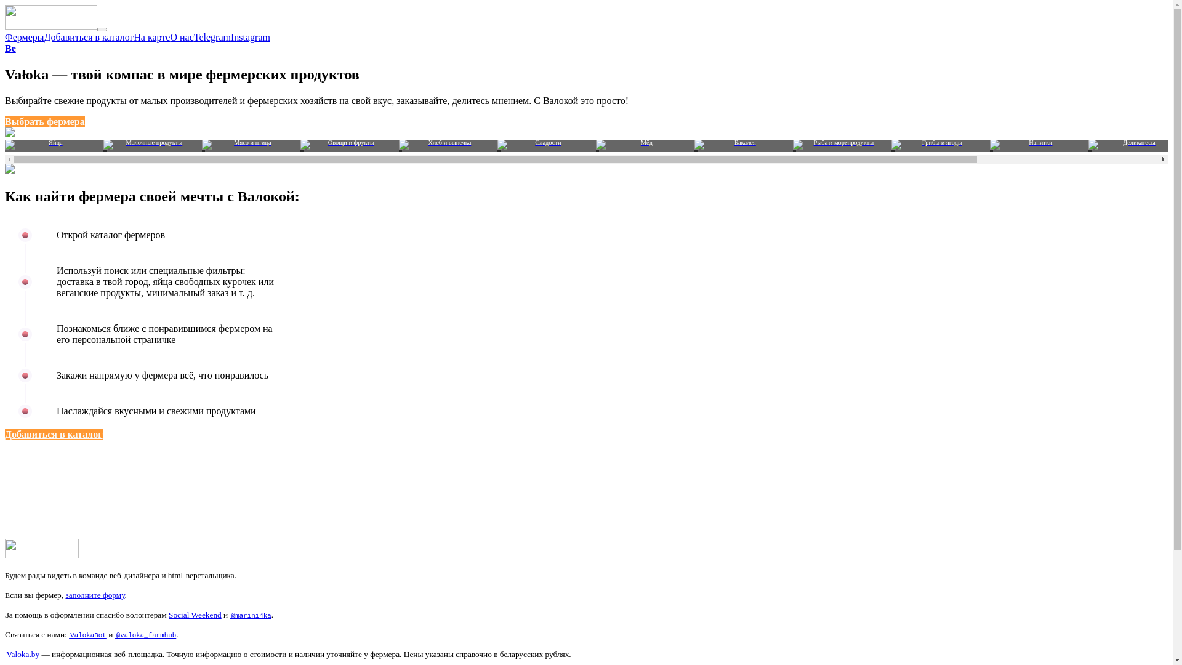  Describe the element at coordinates (10, 47) in the screenshot. I see `'Be'` at that location.